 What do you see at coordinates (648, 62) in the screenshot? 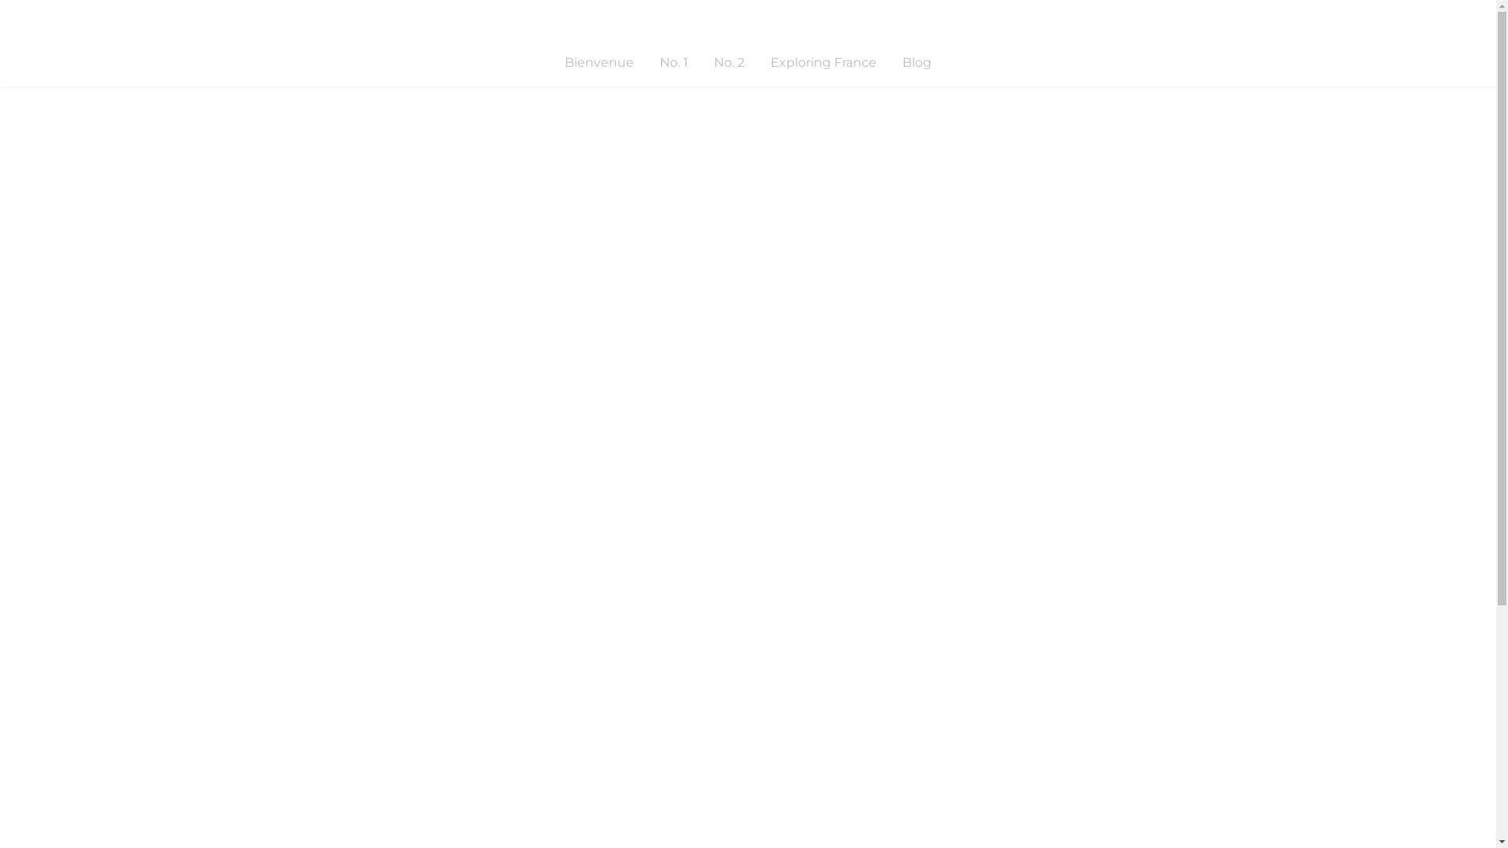
I see `'No. 1'` at bounding box center [648, 62].